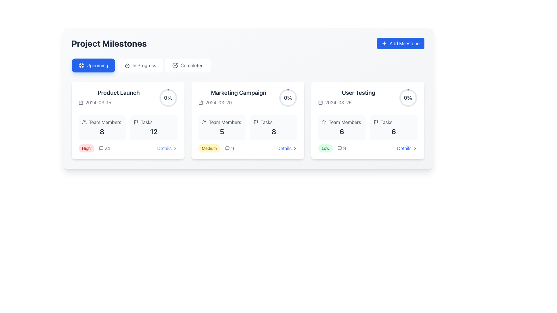  I want to click on the Information card section that summarizes a project milestone, displaying its title, due date, and progress, located in the first card of the milestone list under the 'Upcoming' tab, so click(128, 98).